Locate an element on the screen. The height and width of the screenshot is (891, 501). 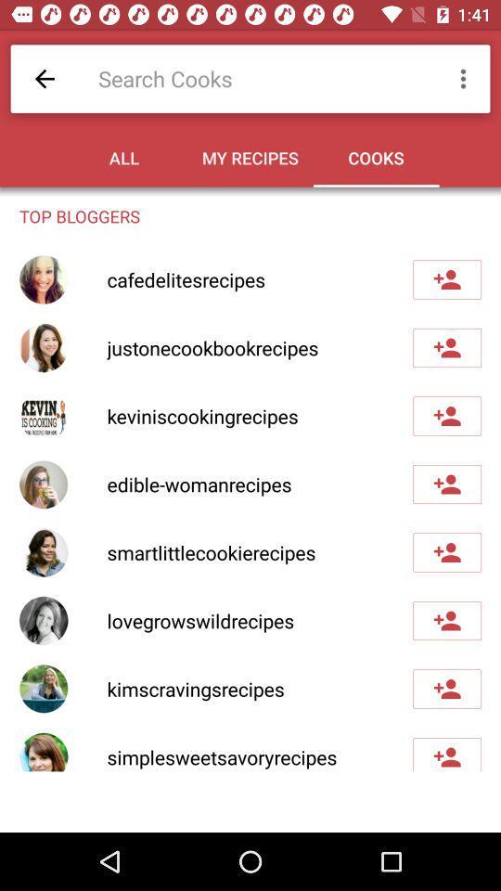
return to previous is located at coordinates (45, 79).